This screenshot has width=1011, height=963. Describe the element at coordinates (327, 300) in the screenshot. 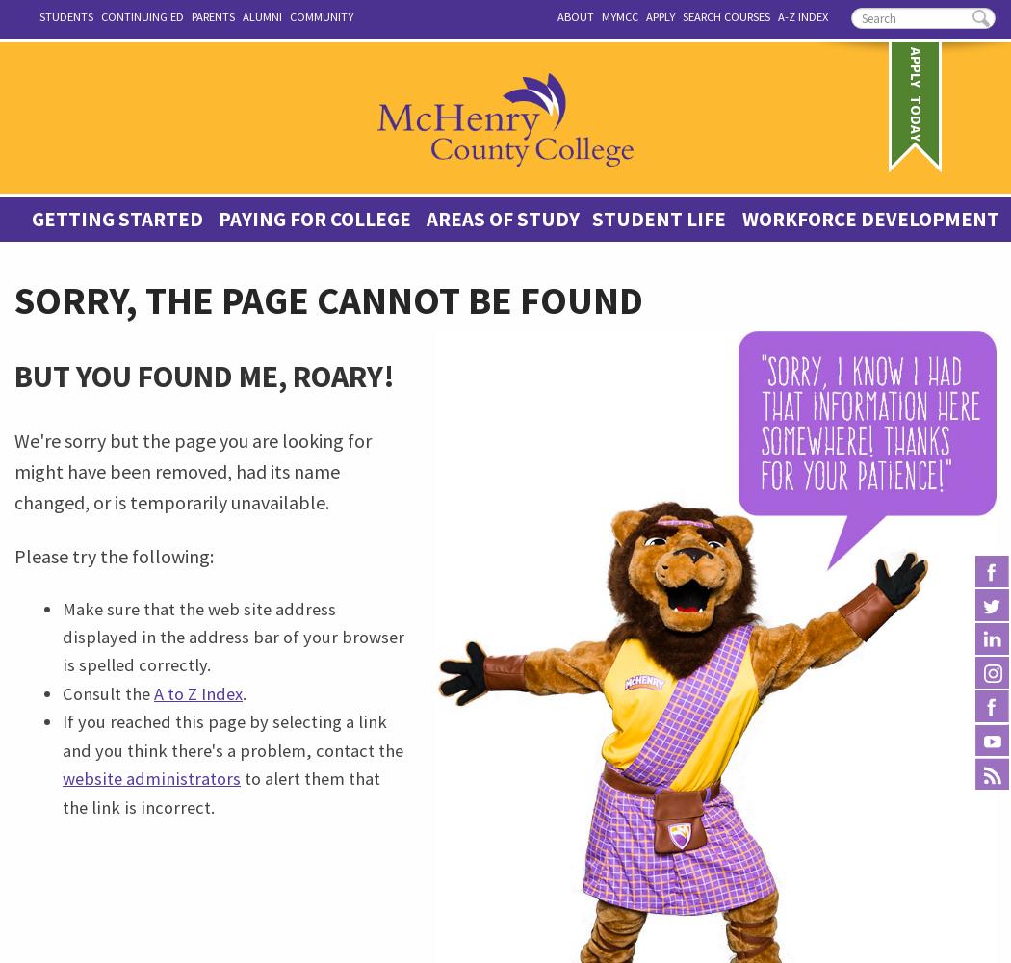

I see `'Sorry, the page cannot be found'` at that location.